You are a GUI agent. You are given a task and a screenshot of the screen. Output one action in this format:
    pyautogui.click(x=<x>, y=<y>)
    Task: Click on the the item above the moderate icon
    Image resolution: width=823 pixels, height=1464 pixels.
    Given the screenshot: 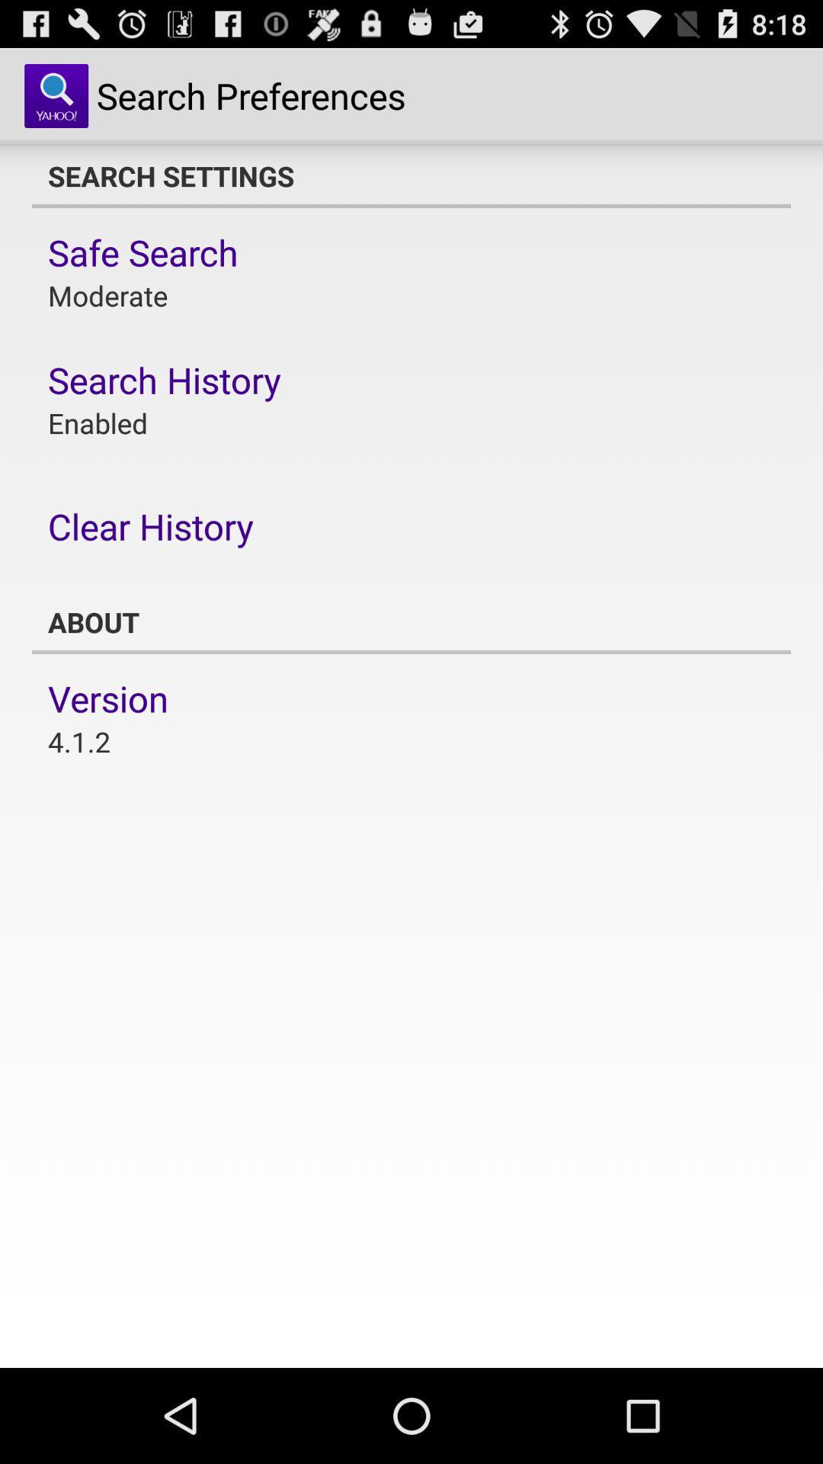 What is the action you would take?
    pyautogui.click(x=143, y=252)
    